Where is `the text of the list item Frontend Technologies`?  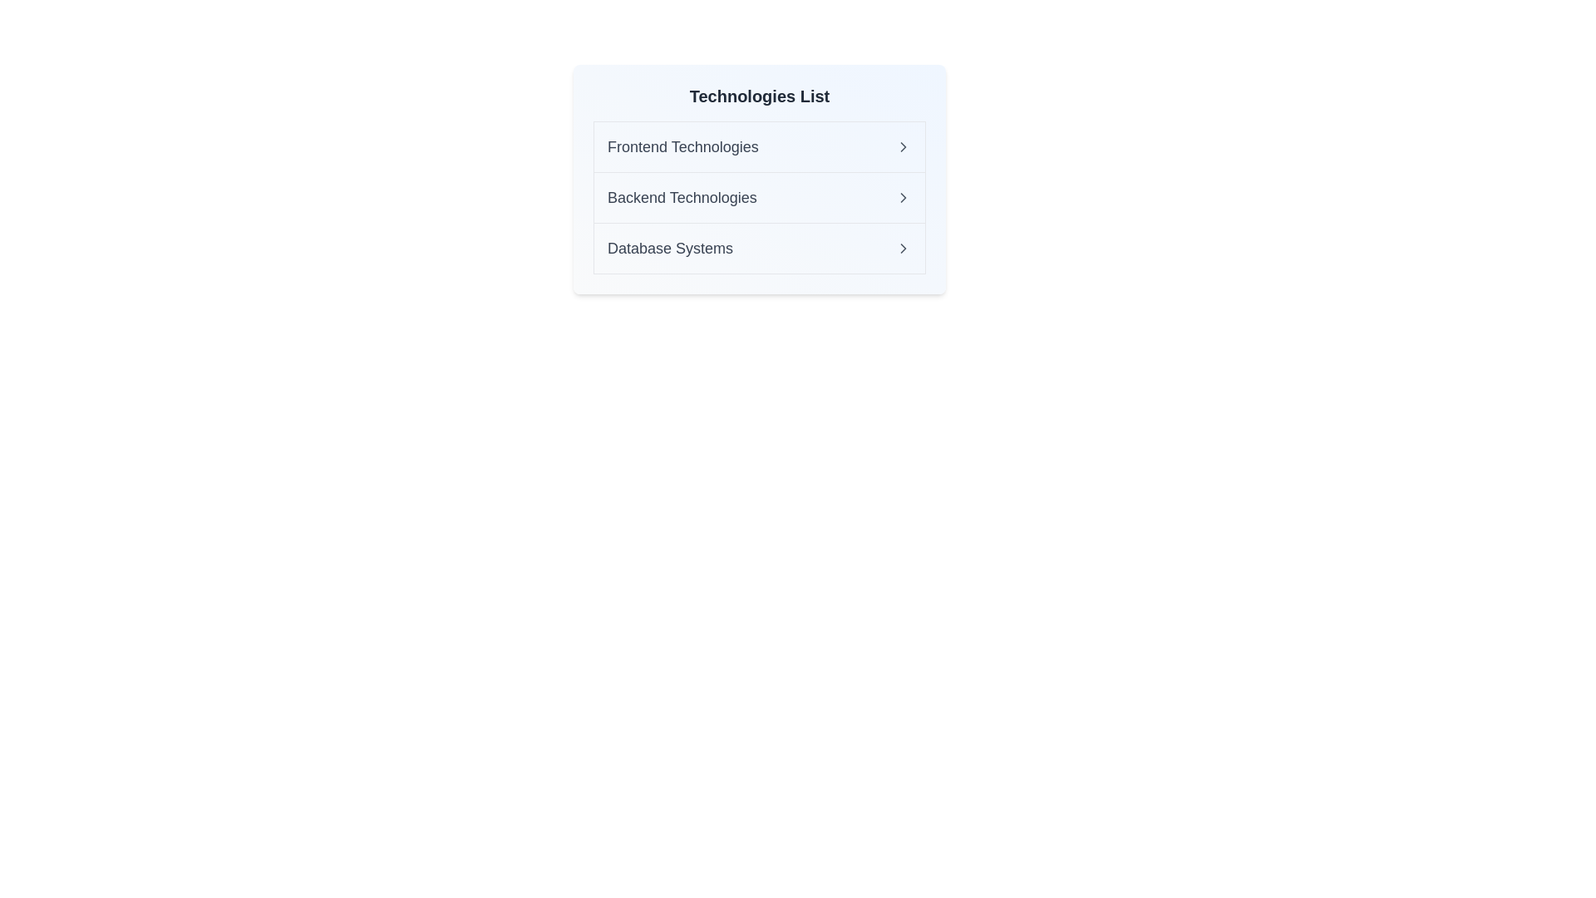
the text of the list item Frontend Technologies is located at coordinates (682, 146).